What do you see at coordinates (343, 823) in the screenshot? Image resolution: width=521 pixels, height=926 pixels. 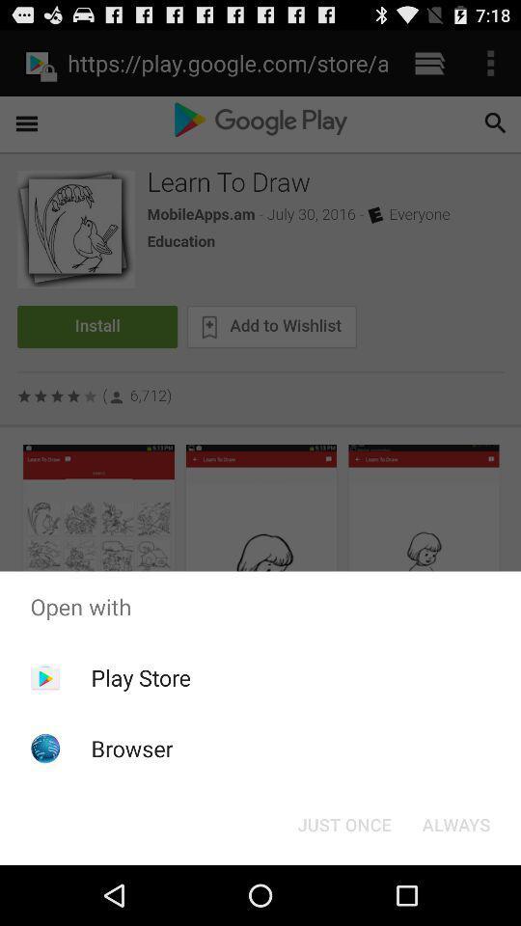 I see `button next to always item` at bounding box center [343, 823].